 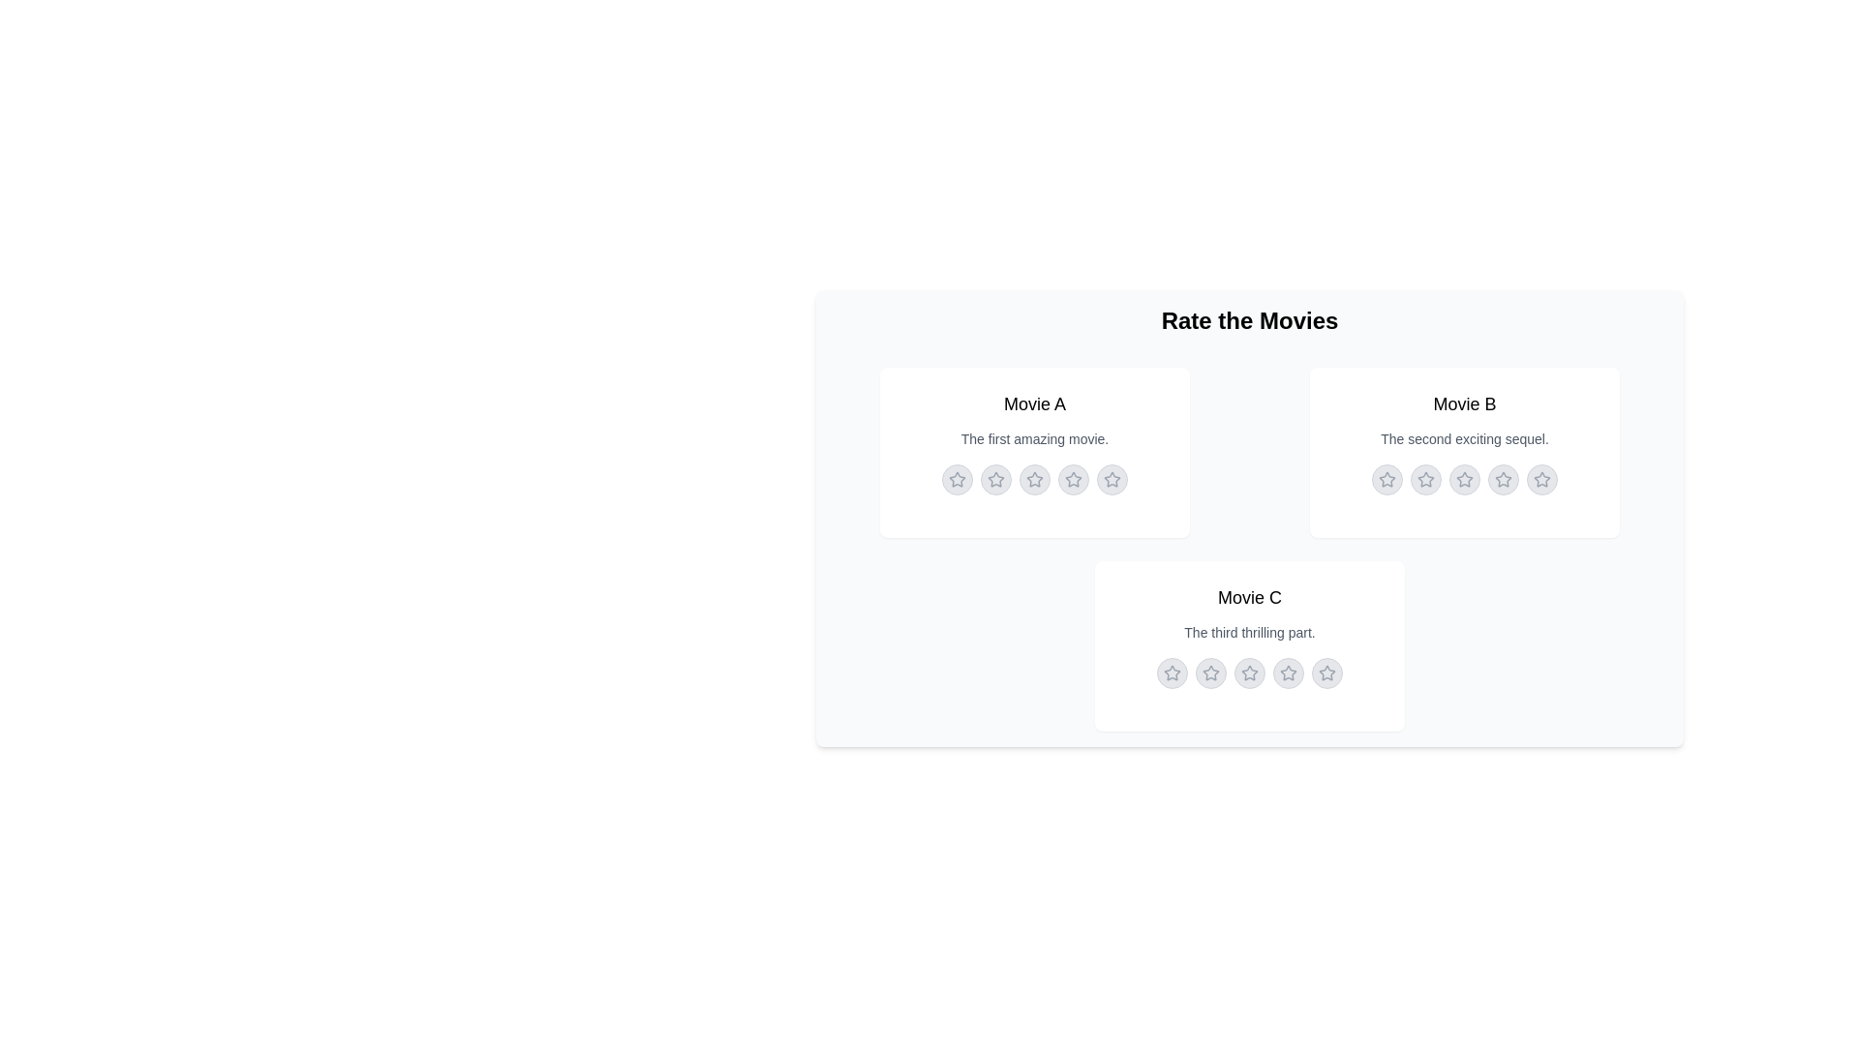 I want to click on the first star in the rating group for 'Movie C', so click(x=1171, y=672).